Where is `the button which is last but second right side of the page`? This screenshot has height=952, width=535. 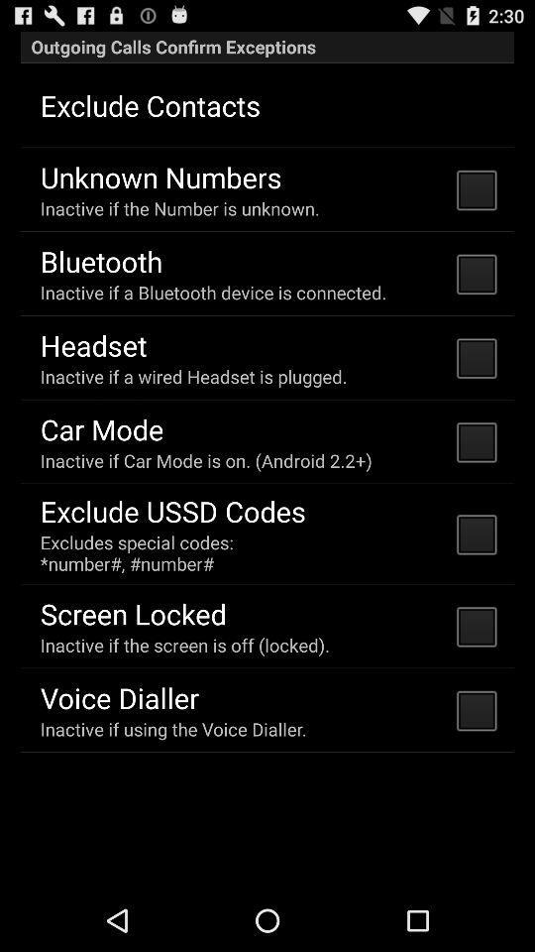 the button which is last but second right side of the page is located at coordinates (475, 533).